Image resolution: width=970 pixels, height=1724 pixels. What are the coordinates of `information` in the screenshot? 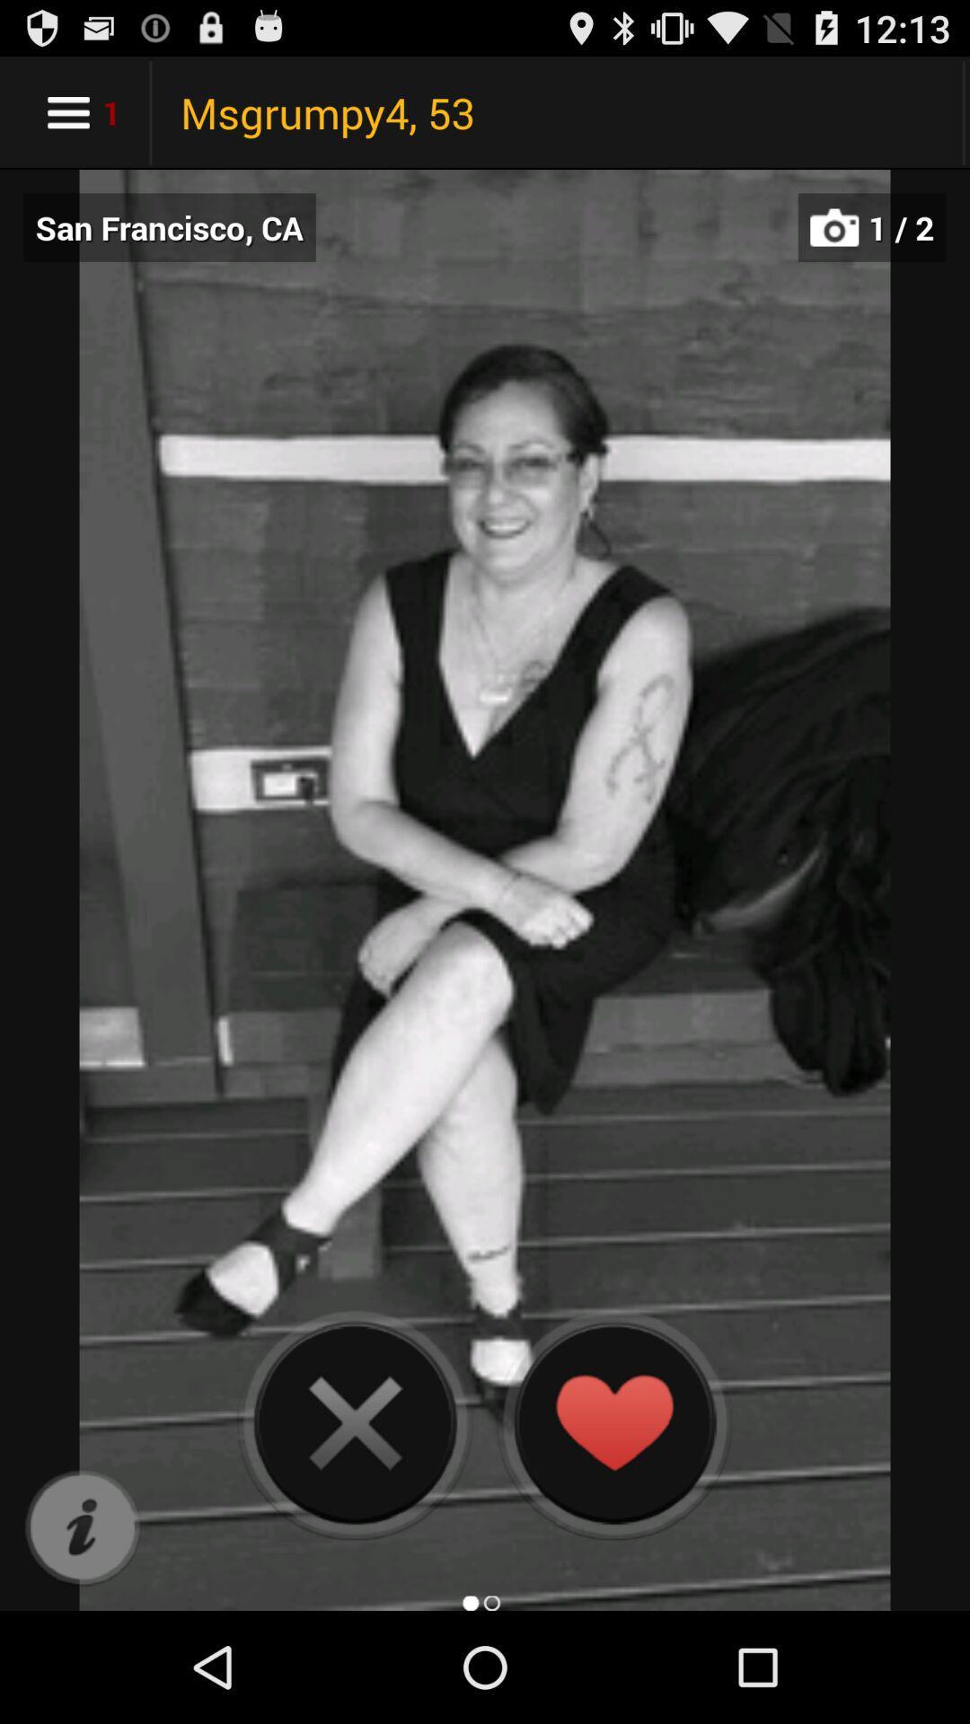 It's located at (82, 1527).